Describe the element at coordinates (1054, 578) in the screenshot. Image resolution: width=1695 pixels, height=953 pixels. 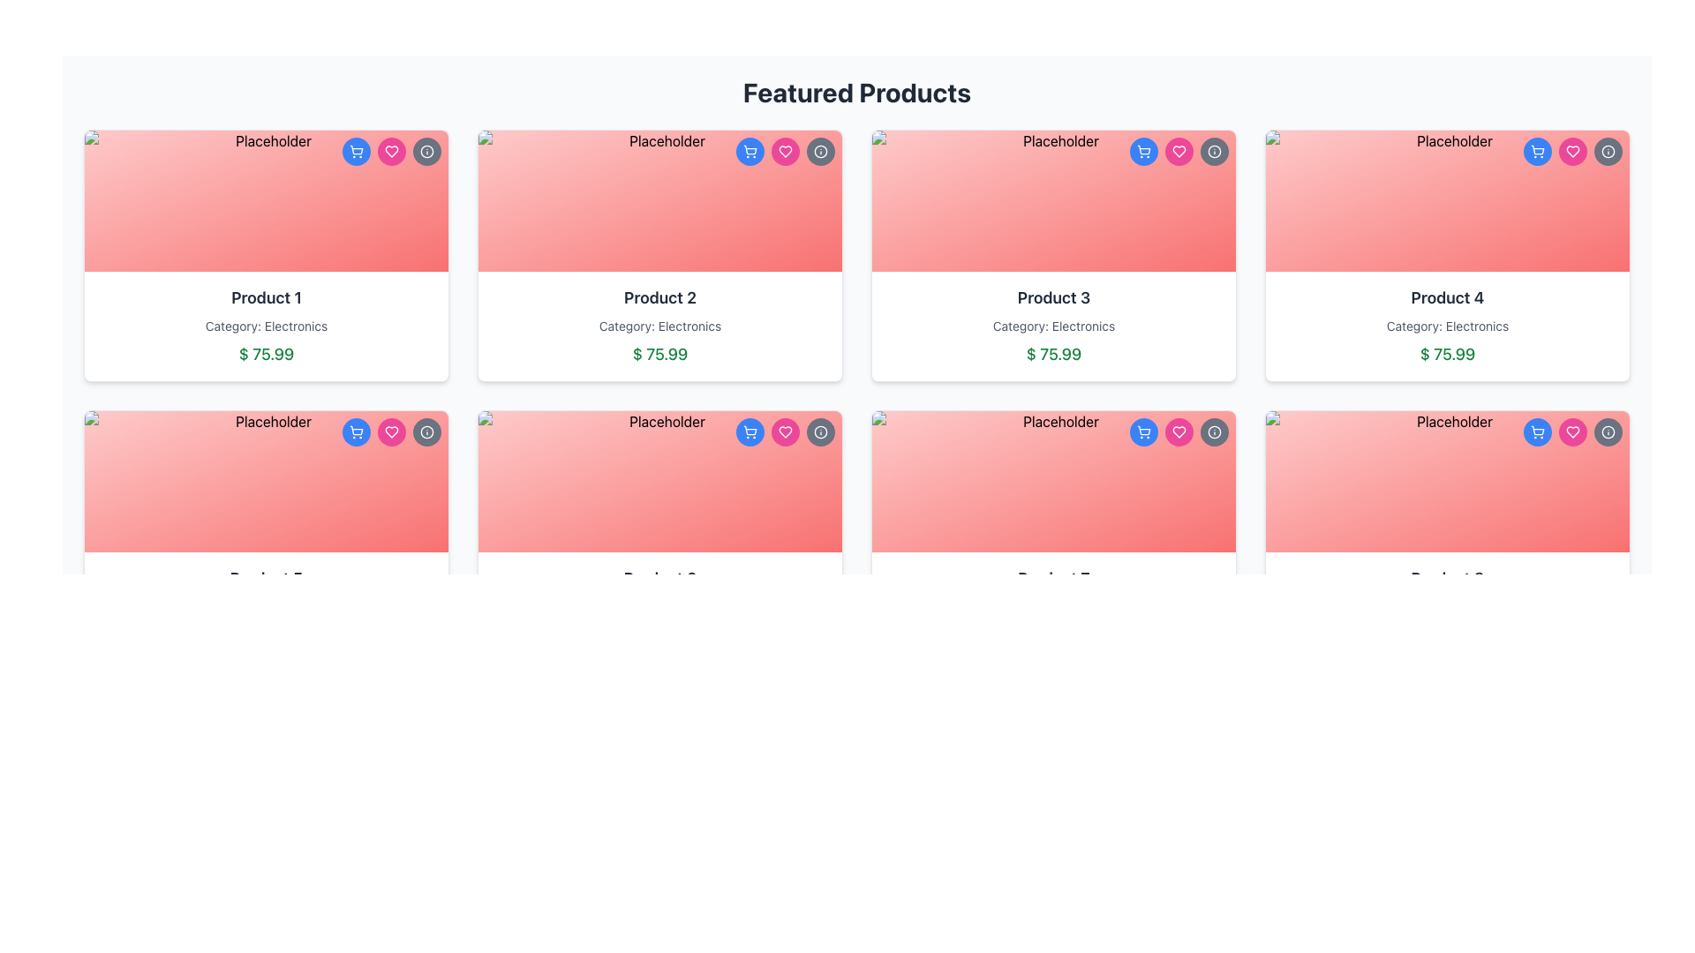
I see `name displayed on the product title label located at the top section of the card in the bottom row, second column from the left` at that location.